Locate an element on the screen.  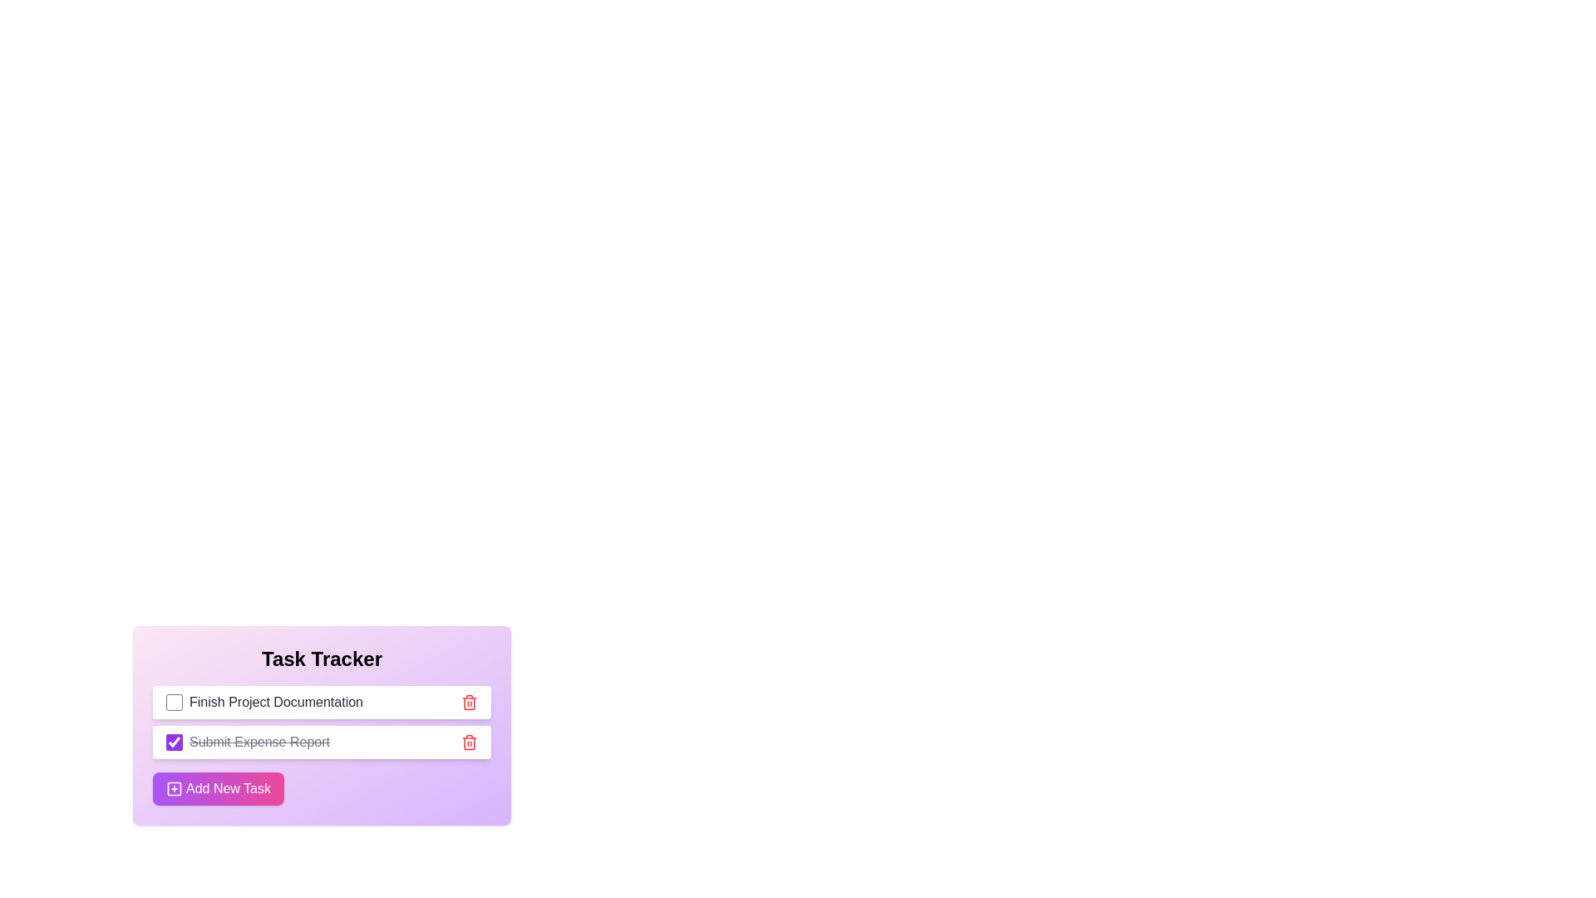
the 'Add New Task' button, which is styled with a gradient from purple to pink and contains white text with a rounded border is located at coordinates (218, 787).